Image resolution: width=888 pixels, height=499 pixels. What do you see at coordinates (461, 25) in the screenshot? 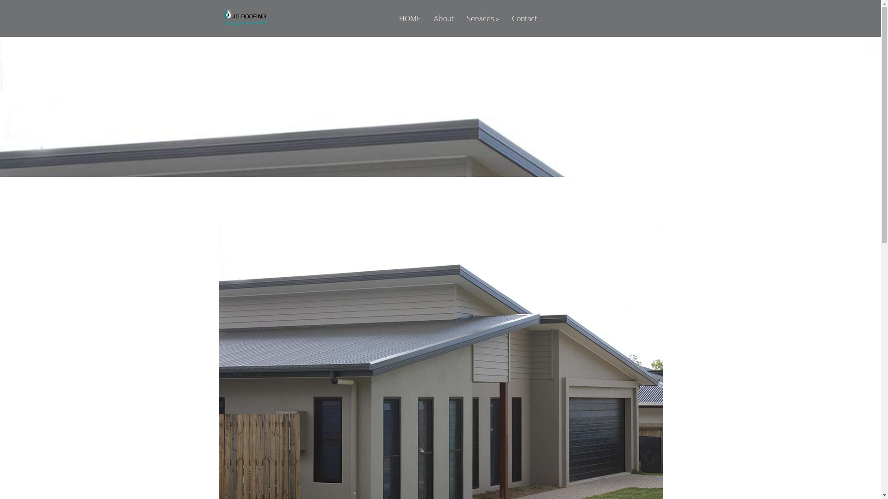
I see `'Services'` at bounding box center [461, 25].